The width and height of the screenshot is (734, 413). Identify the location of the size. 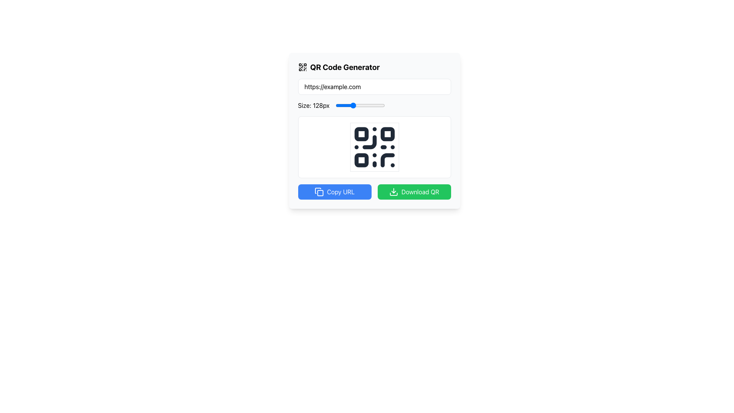
(384, 106).